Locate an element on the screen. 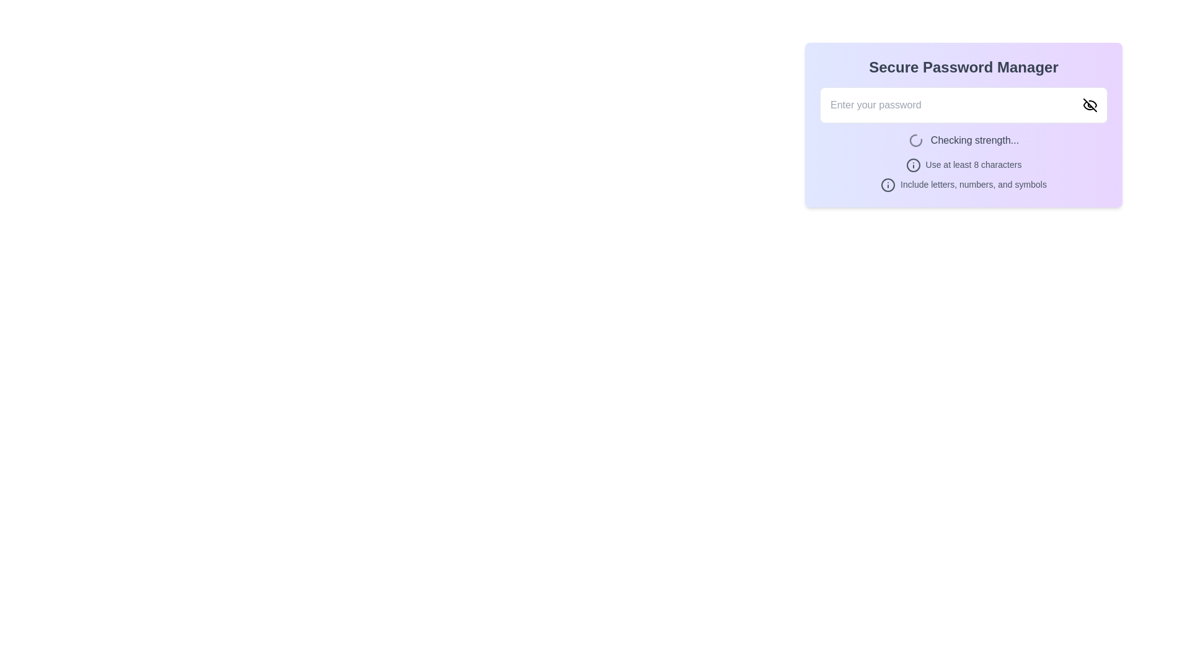 The height and width of the screenshot is (669, 1190). the circular information icon with an outlined border and a small dot inside, located to the left of the 'Use at least 8 characters' text area is located at coordinates (913, 164).